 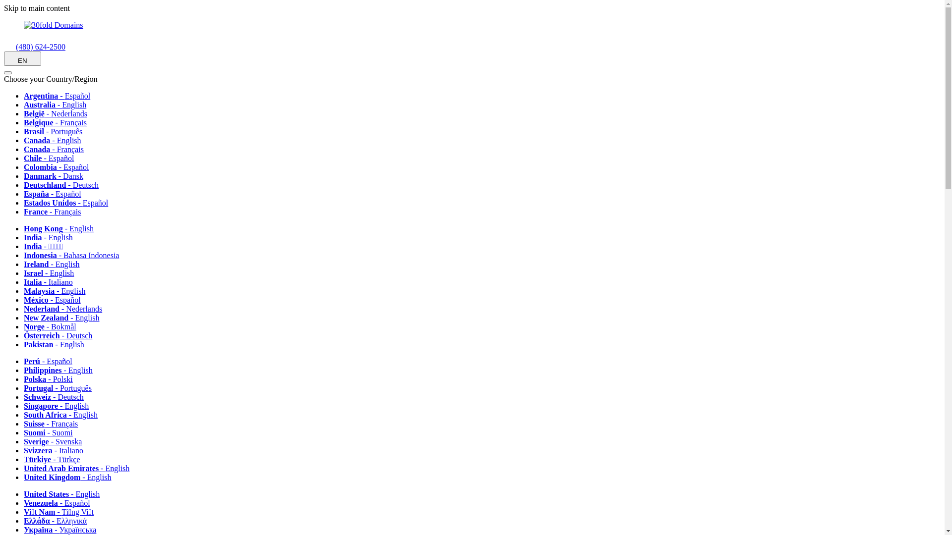 What do you see at coordinates (57, 450) in the screenshot?
I see `'Svizzera - Italiano'` at bounding box center [57, 450].